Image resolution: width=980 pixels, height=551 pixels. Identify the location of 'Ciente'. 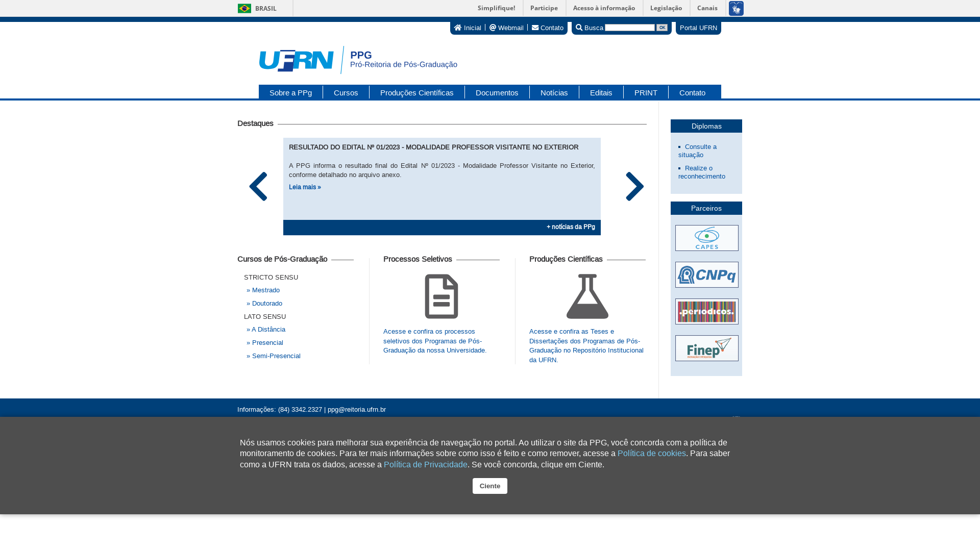
(490, 485).